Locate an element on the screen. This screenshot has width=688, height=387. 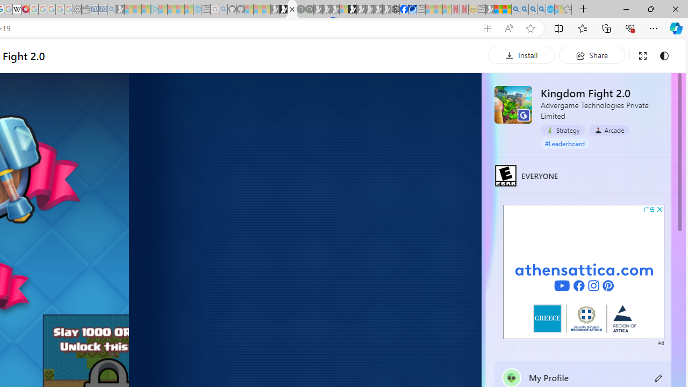
'Full screen' is located at coordinates (642, 55).